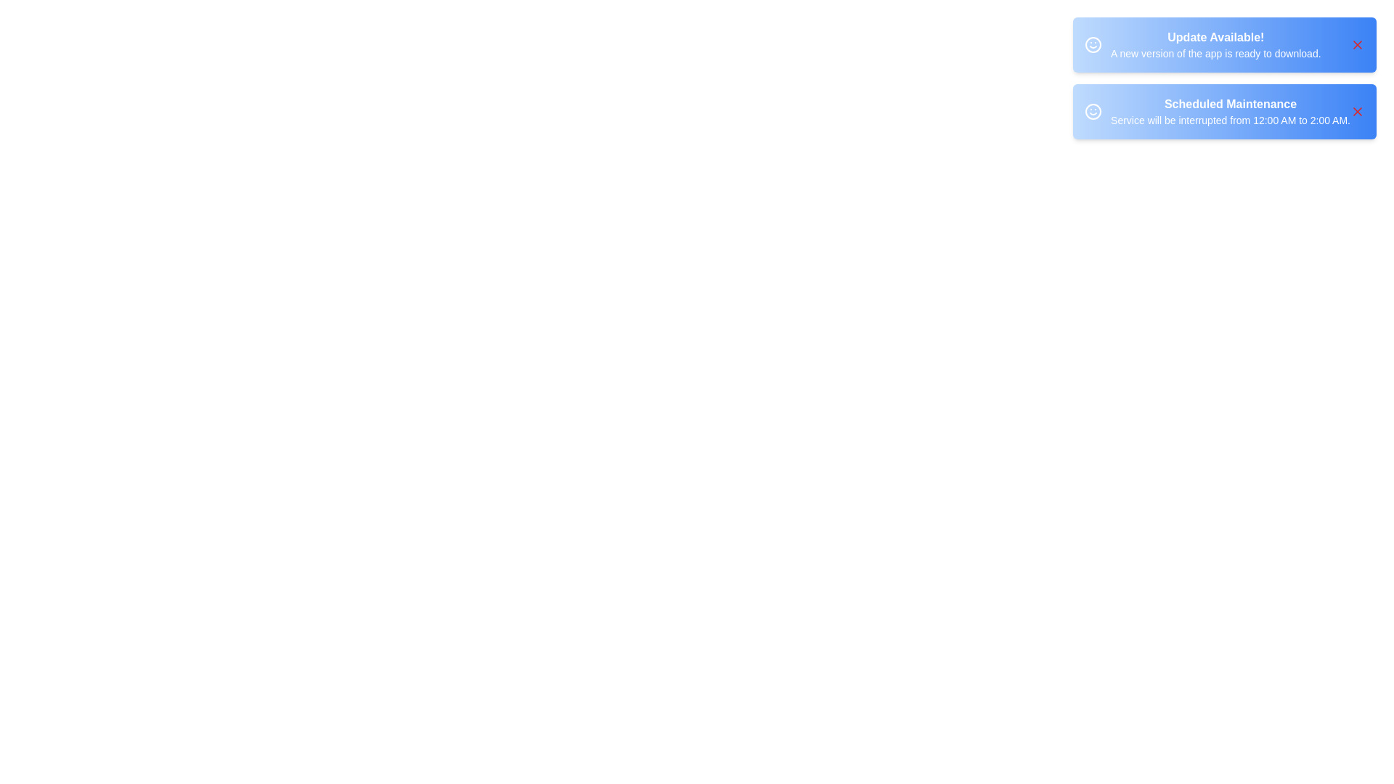  Describe the element at coordinates (1093, 44) in the screenshot. I see `the smile icon to interact with it` at that location.